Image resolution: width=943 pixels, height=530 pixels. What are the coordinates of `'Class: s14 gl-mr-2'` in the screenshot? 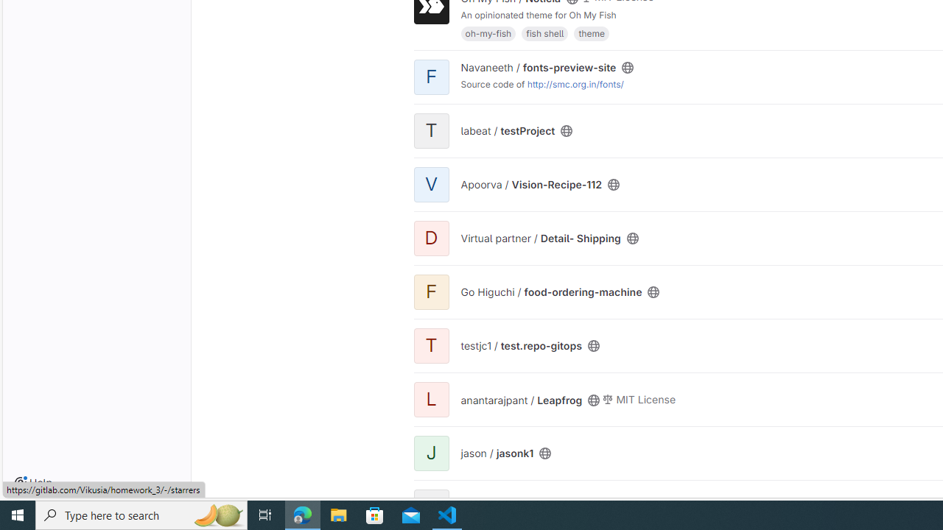 It's located at (608, 399).